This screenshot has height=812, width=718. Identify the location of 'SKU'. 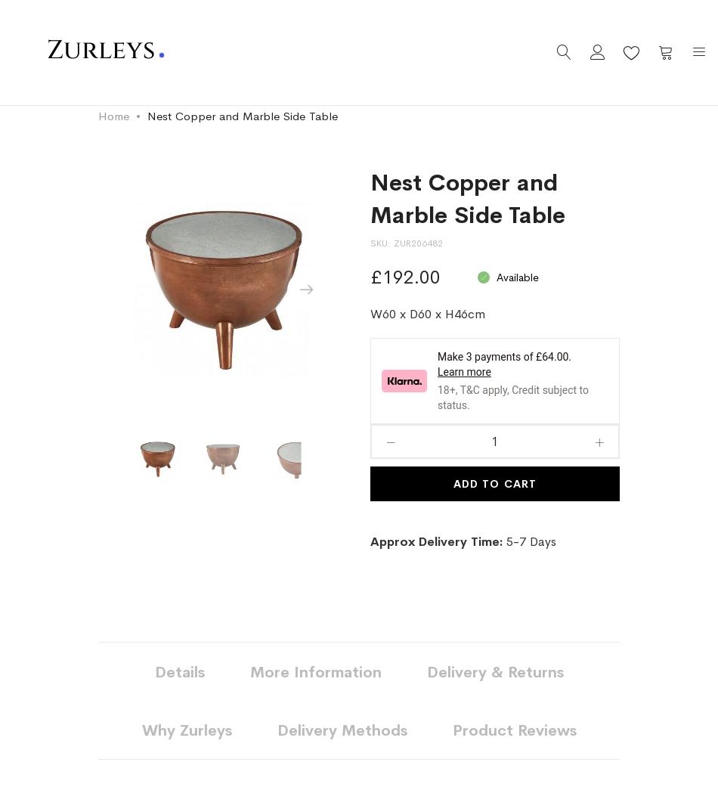
(379, 243).